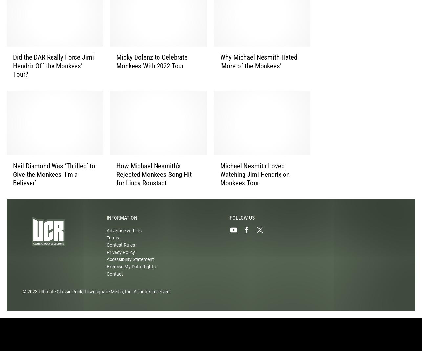 The height and width of the screenshot is (351, 422). I want to click on 'Contact', so click(115, 279).